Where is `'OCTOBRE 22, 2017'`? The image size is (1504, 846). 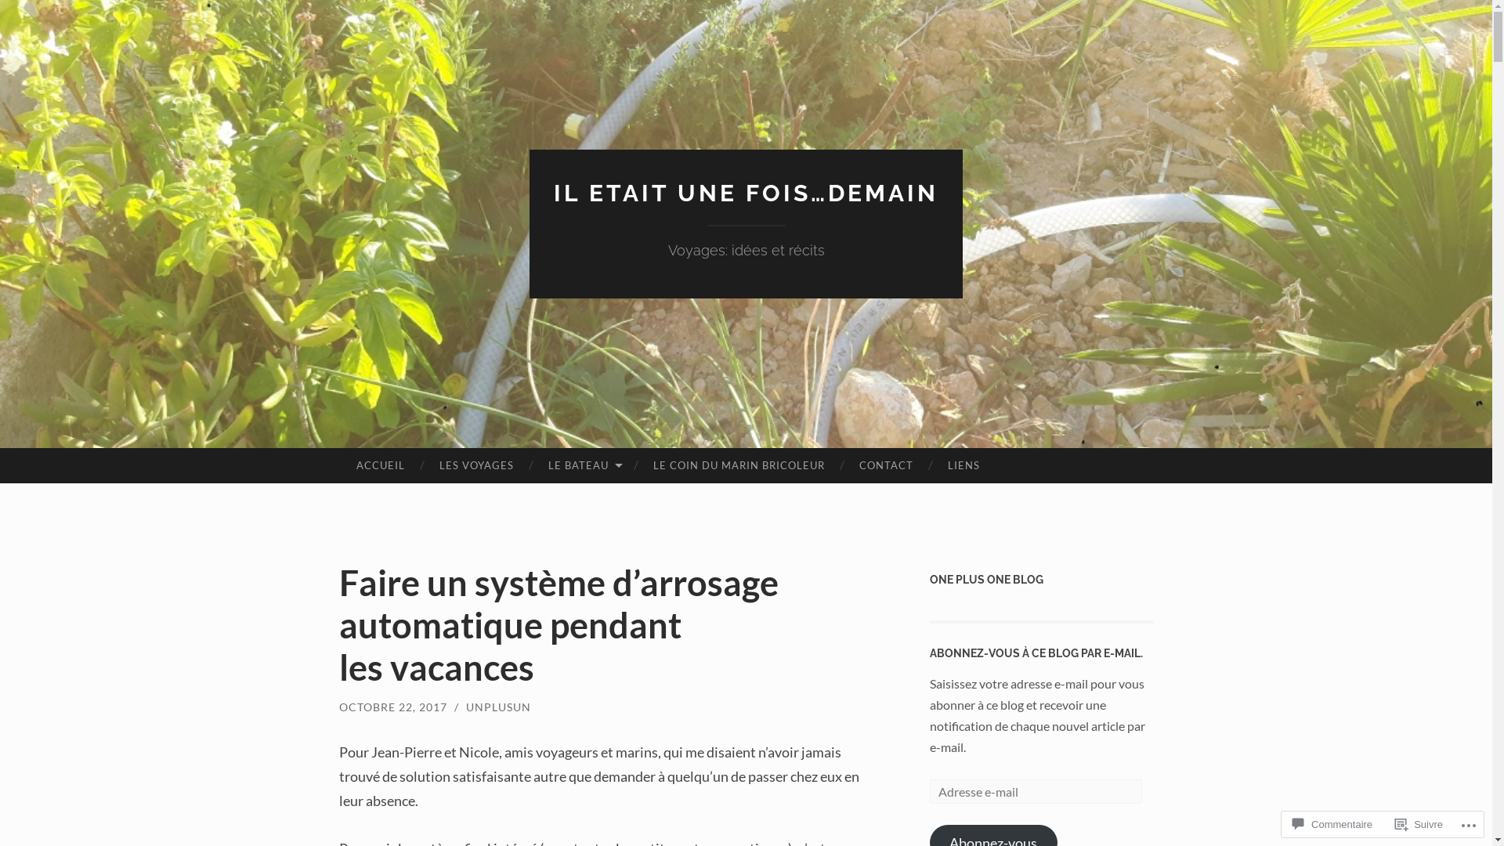 'OCTOBRE 22, 2017' is located at coordinates (338, 707).